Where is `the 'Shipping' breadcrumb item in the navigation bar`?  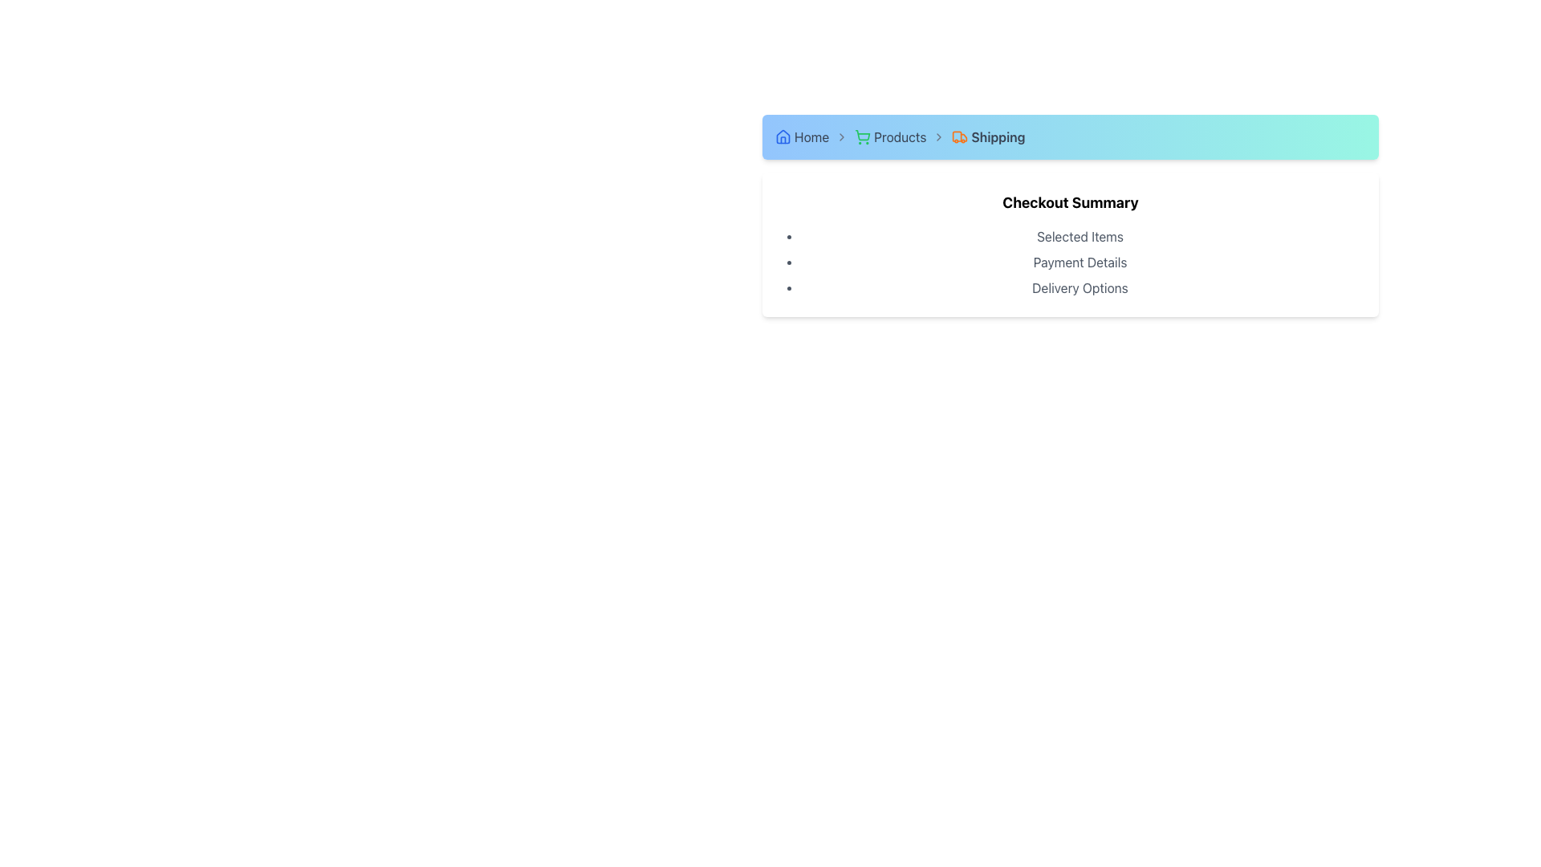
the 'Shipping' breadcrumb item in the navigation bar is located at coordinates (987, 136).